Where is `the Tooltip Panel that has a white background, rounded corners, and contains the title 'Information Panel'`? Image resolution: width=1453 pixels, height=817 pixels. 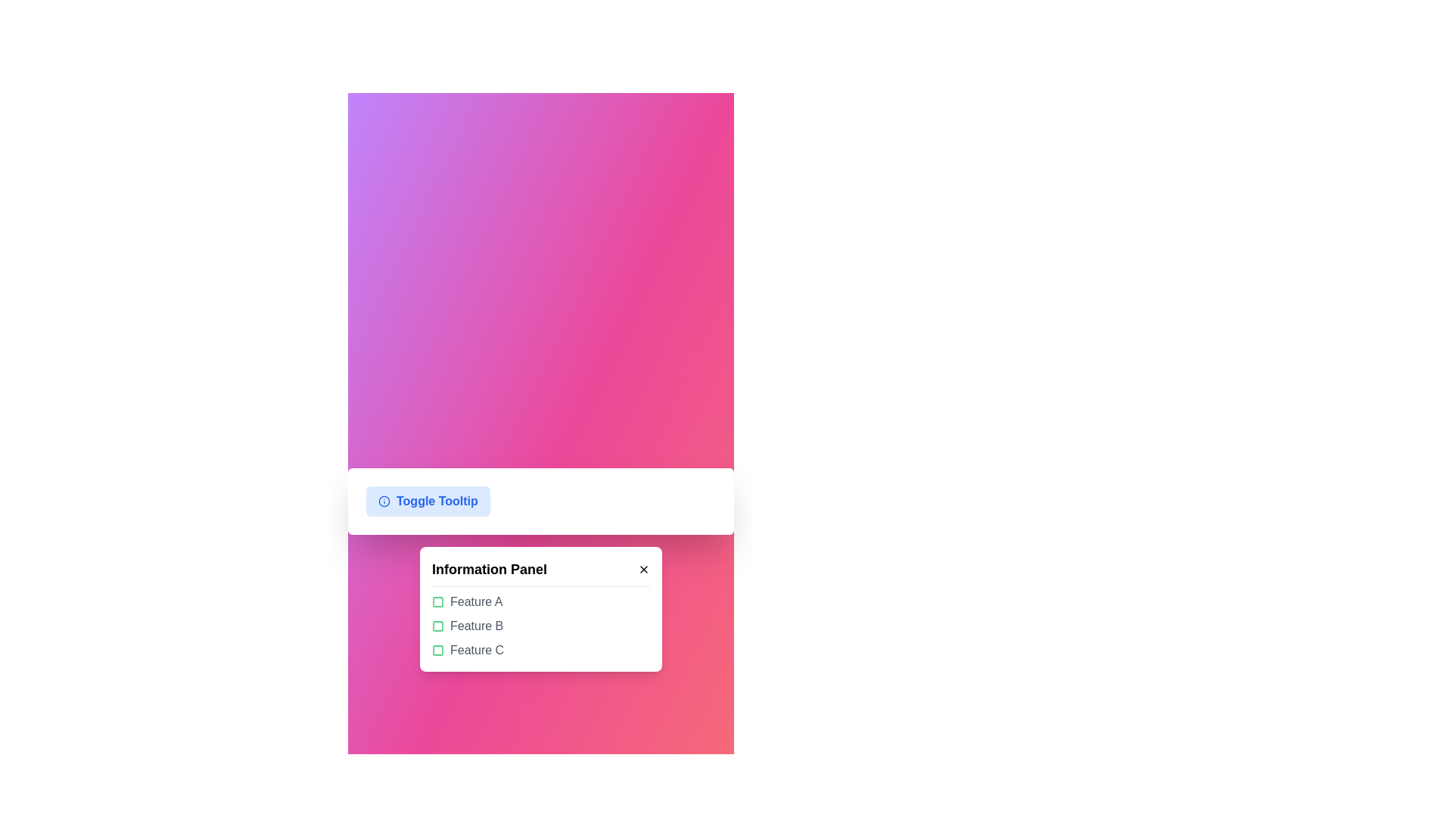 the Tooltip Panel that has a white background, rounded corners, and contains the title 'Information Panel' is located at coordinates (541, 608).